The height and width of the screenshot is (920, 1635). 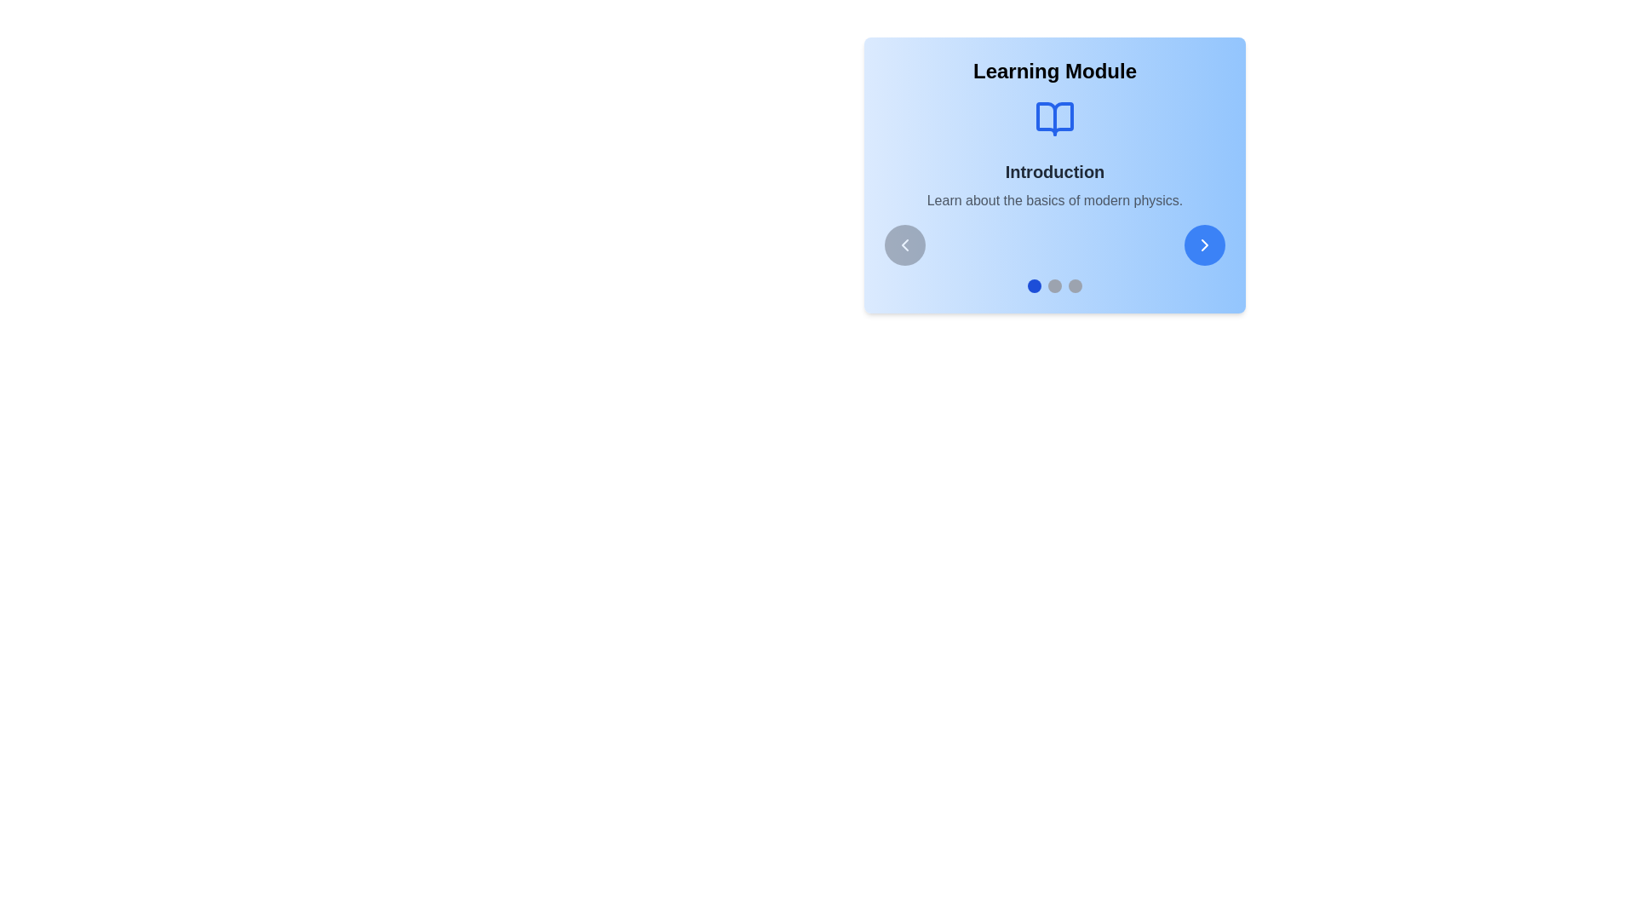 What do you see at coordinates (1053, 118) in the screenshot?
I see `the visual icon component that resembles an open book, specifically targeting the central vertical line within the outlined book icon` at bounding box center [1053, 118].